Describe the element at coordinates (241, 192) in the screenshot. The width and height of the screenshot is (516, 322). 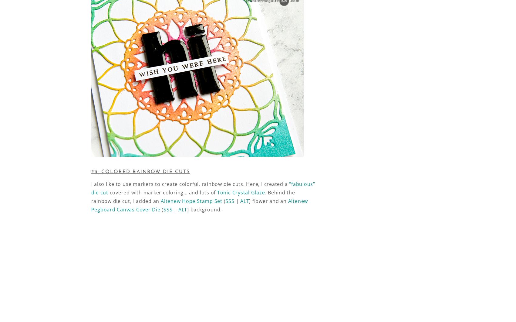
I see `'Tonic Crystal Glaze'` at that location.